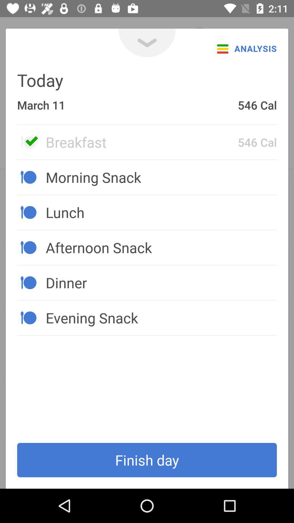 This screenshot has width=294, height=523. What do you see at coordinates (161, 247) in the screenshot?
I see `the item below lunch icon` at bounding box center [161, 247].